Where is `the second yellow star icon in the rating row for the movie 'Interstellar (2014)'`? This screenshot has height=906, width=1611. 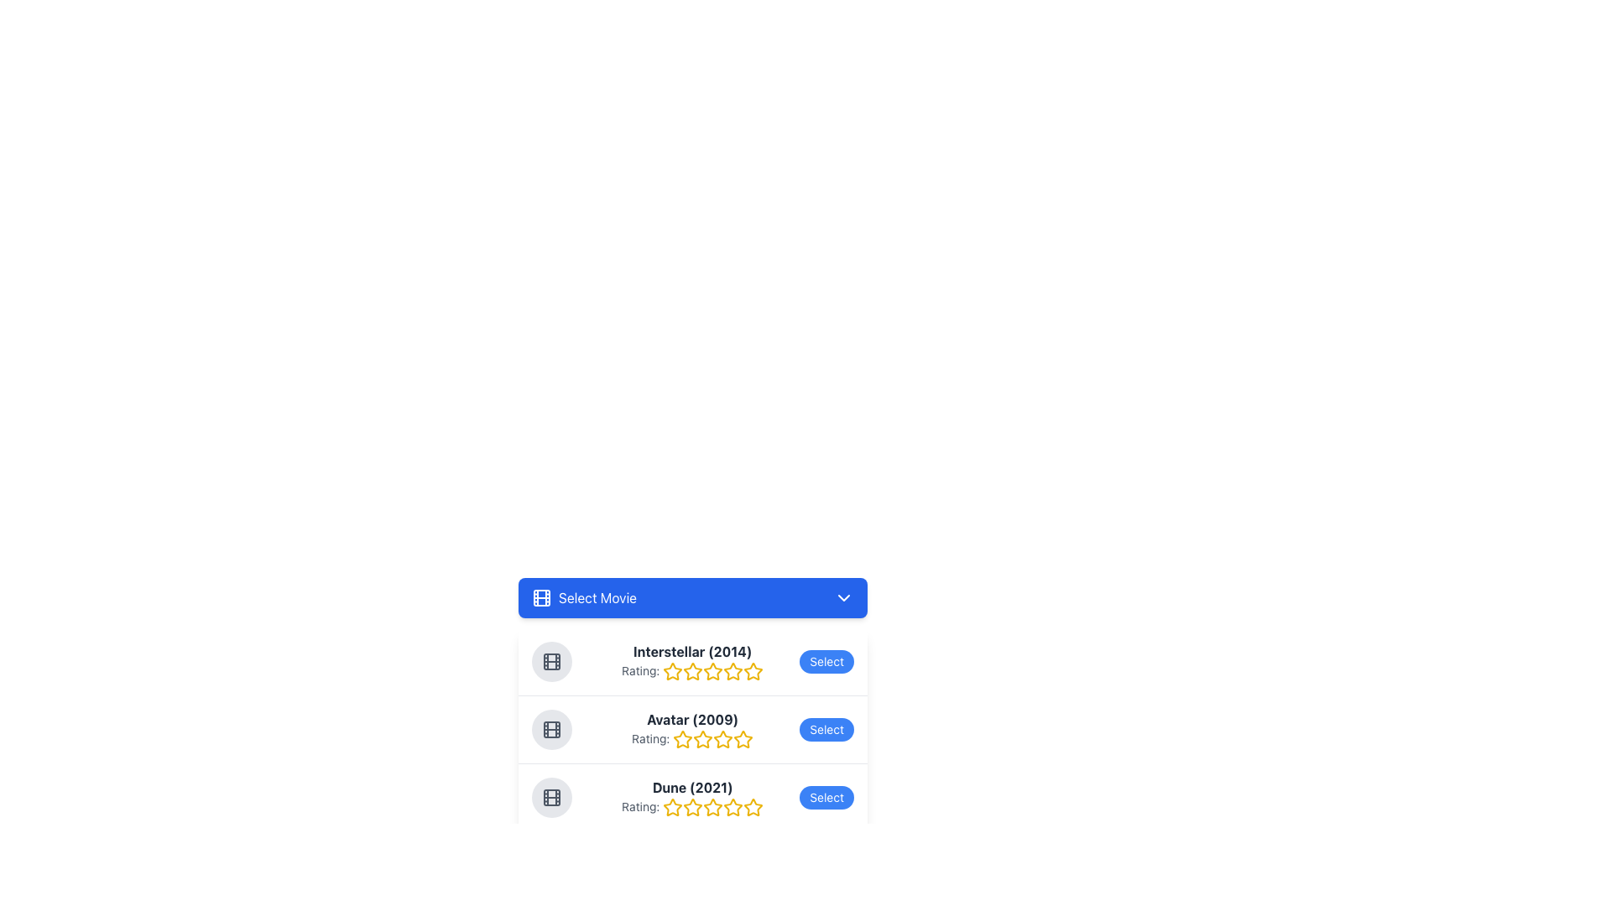
the second yellow star icon in the rating row for the movie 'Interstellar (2014)' is located at coordinates (693, 670).